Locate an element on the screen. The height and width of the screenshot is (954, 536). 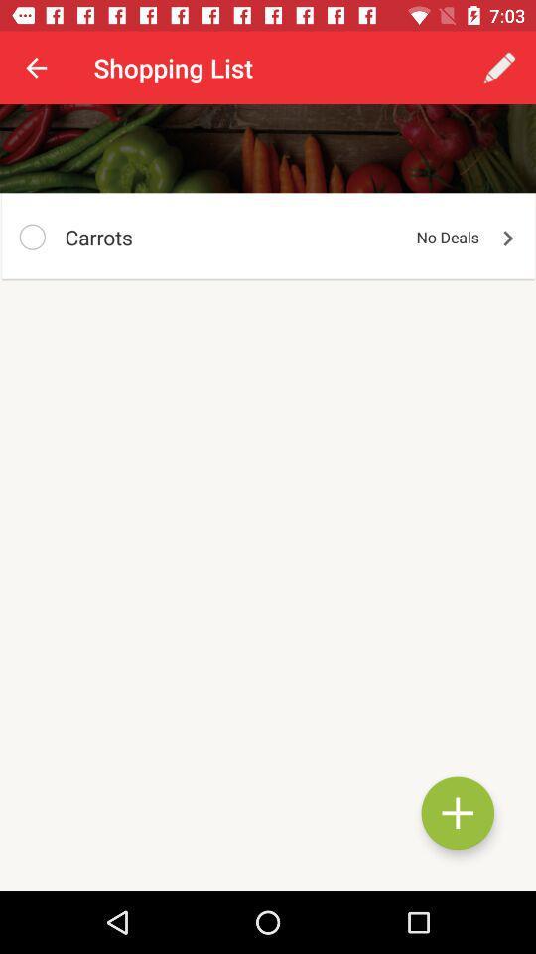
the add icon is located at coordinates (458, 813).